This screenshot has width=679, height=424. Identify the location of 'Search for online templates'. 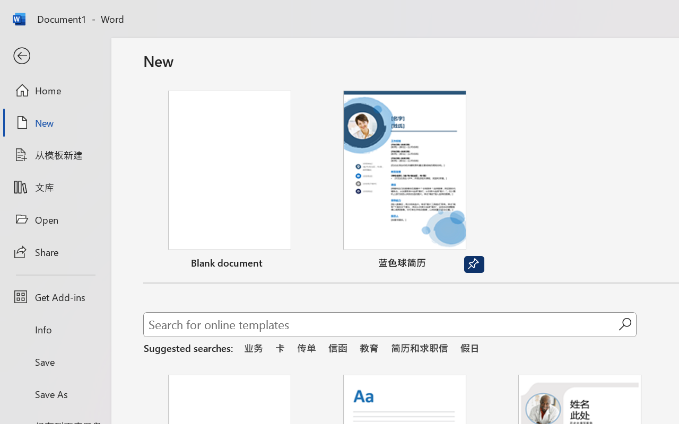
(381, 326).